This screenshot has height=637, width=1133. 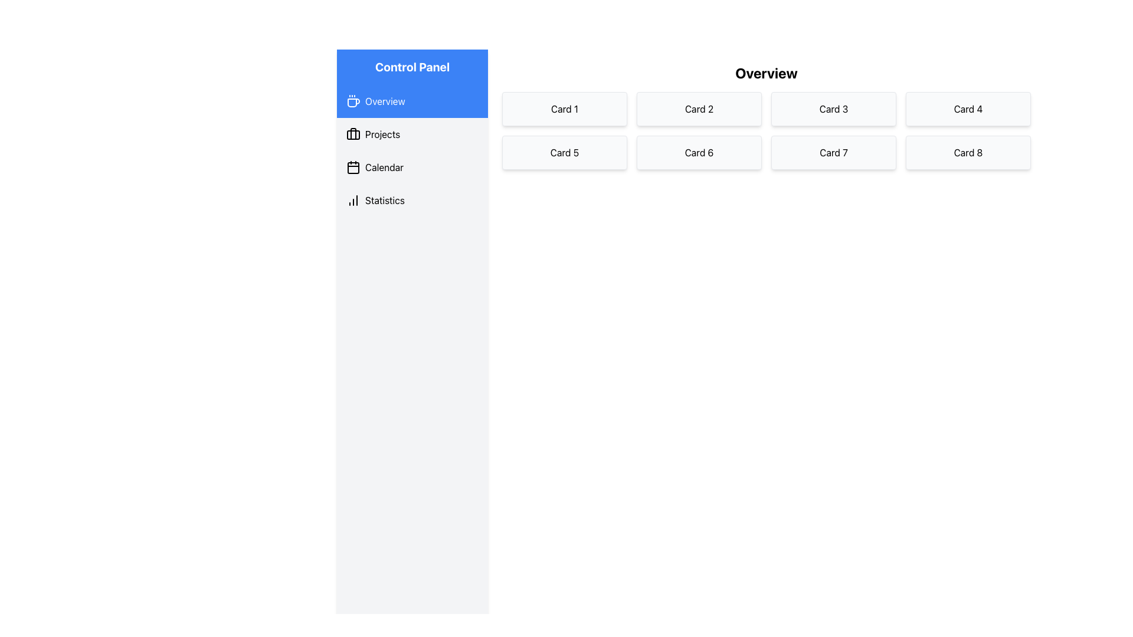 What do you see at coordinates (833, 152) in the screenshot?
I see `the text label displaying 'Card 7', which is styled with a sans-serif font and is located inside a rectangular card in the second row and third column of the grid layout` at bounding box center [833, 152].